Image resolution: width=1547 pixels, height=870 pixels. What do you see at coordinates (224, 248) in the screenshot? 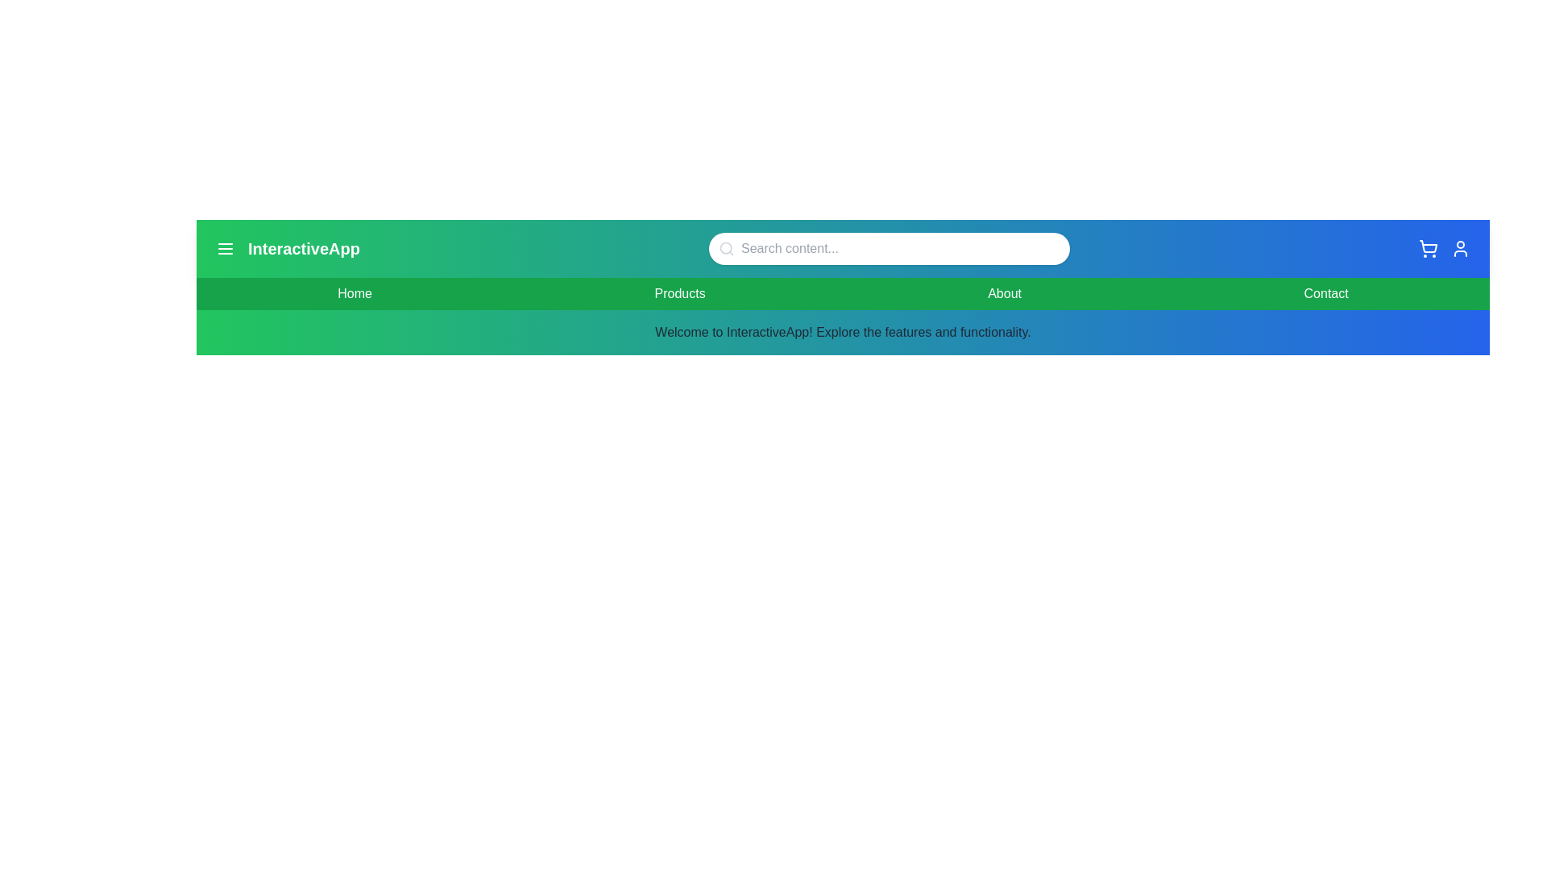
I see `the menu icon to toggle the dropdown menu visibility` at bounding box center [224, 248].